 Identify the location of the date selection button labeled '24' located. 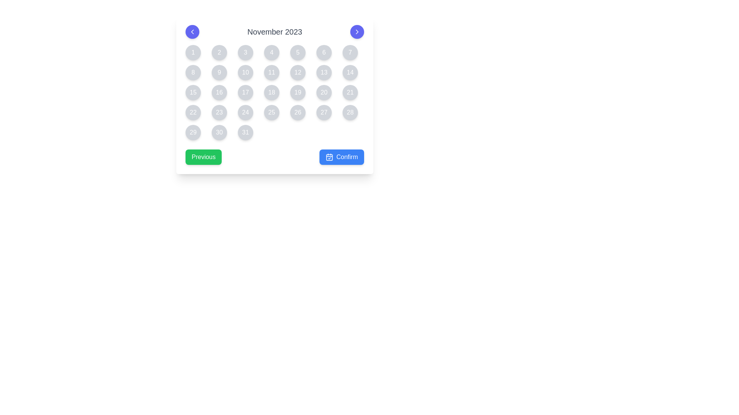
(245, 113).